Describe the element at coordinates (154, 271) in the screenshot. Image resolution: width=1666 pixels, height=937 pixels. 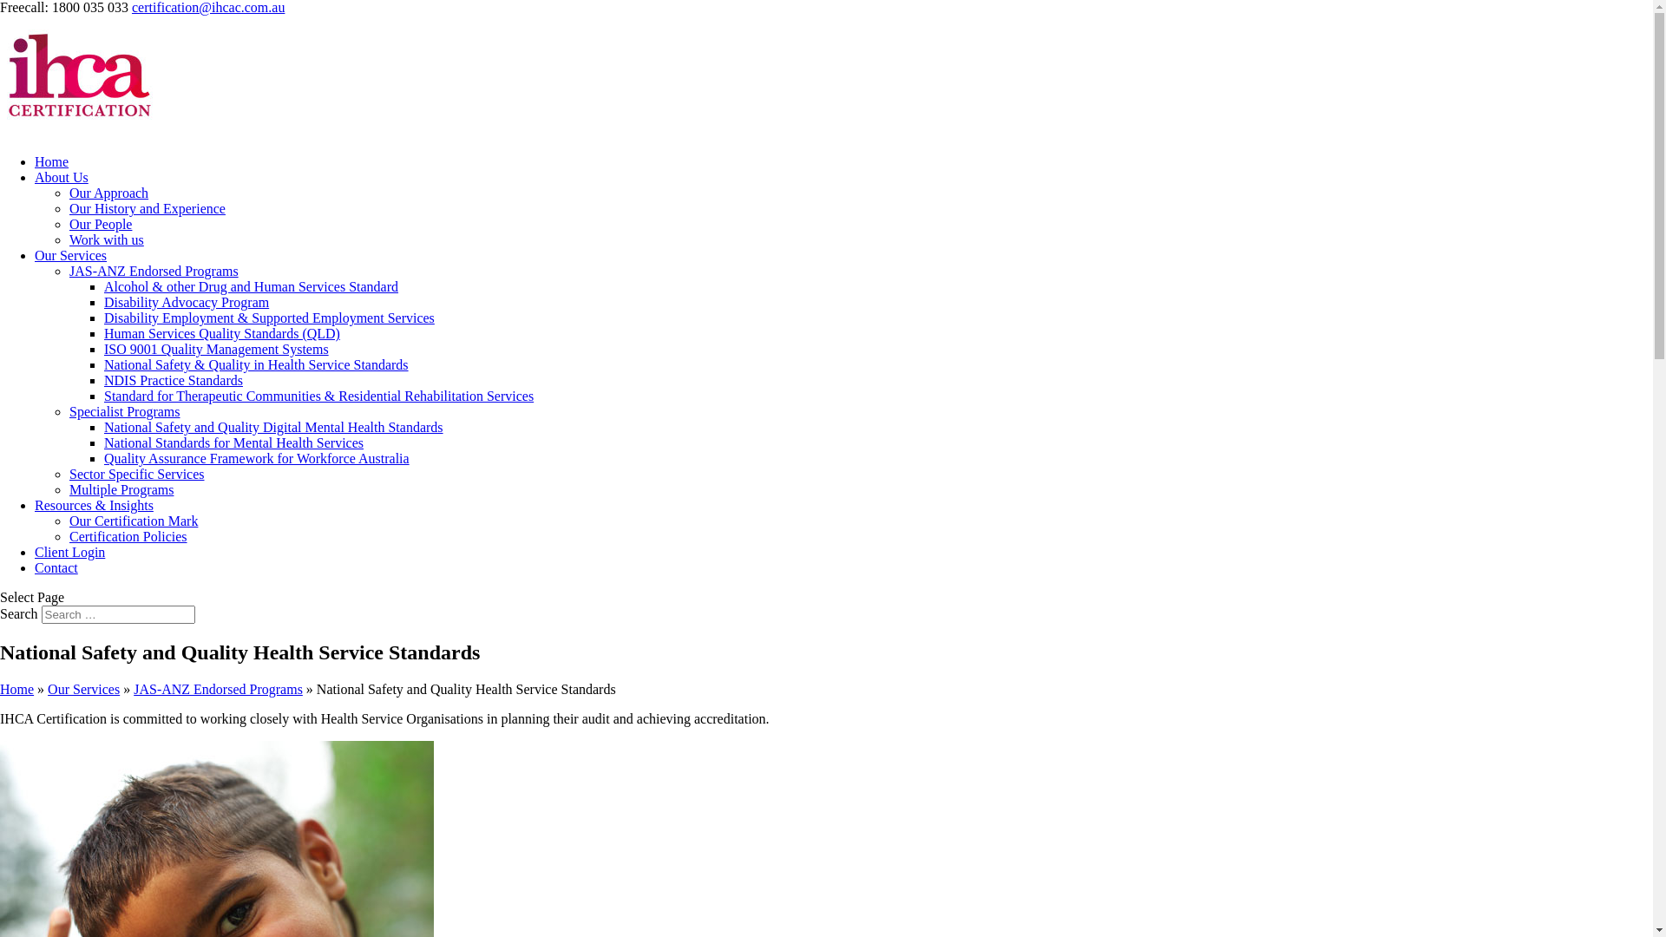
I see `'JAS-ANZ Endorsed Programs'` at that location.